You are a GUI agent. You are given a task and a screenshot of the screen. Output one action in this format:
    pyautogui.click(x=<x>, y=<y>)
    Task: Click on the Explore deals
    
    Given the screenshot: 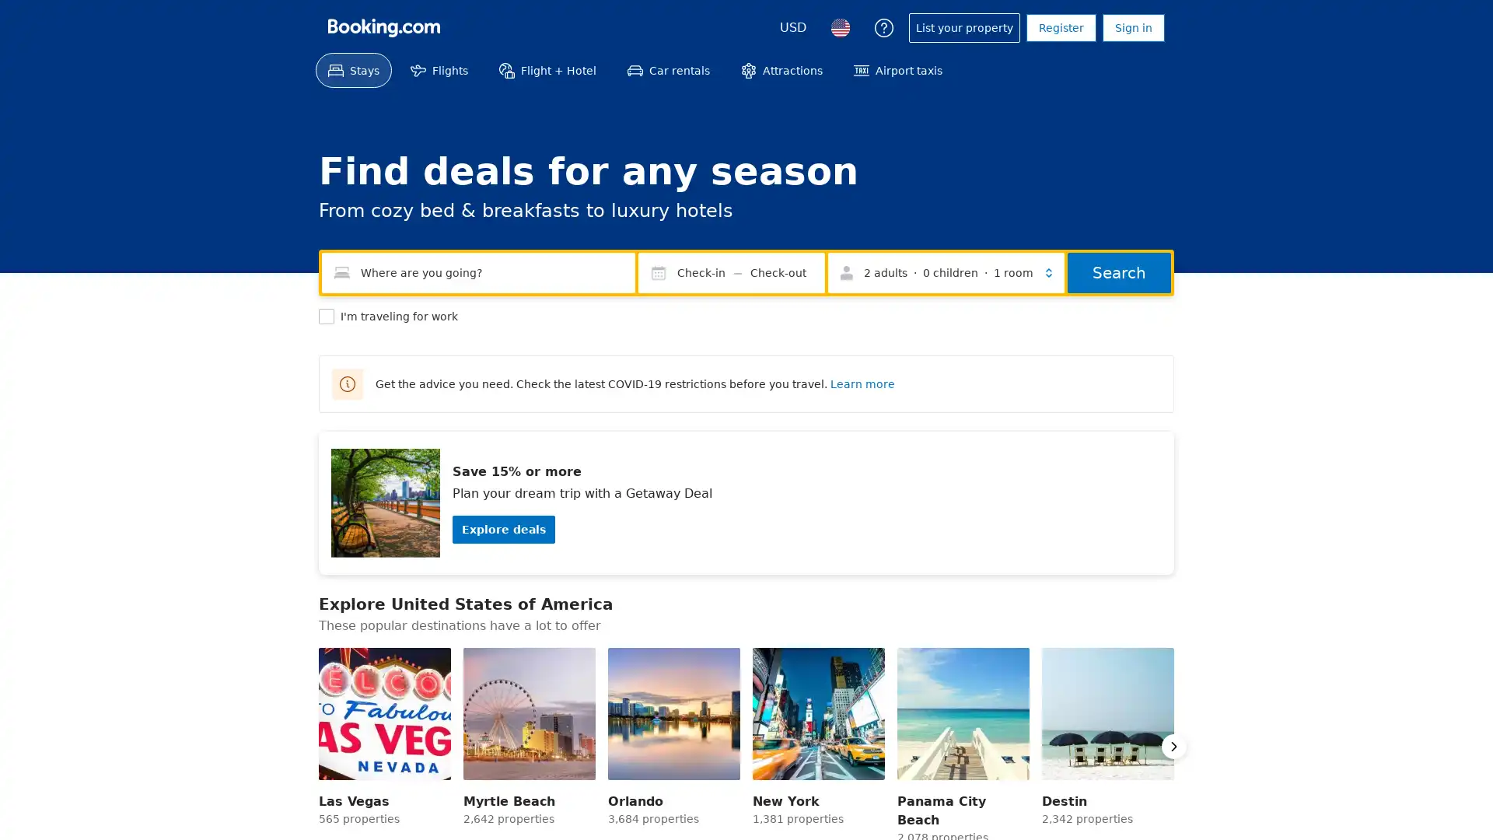 What is the action you would take?
    pyautogui.click(x=504, y=529)
    